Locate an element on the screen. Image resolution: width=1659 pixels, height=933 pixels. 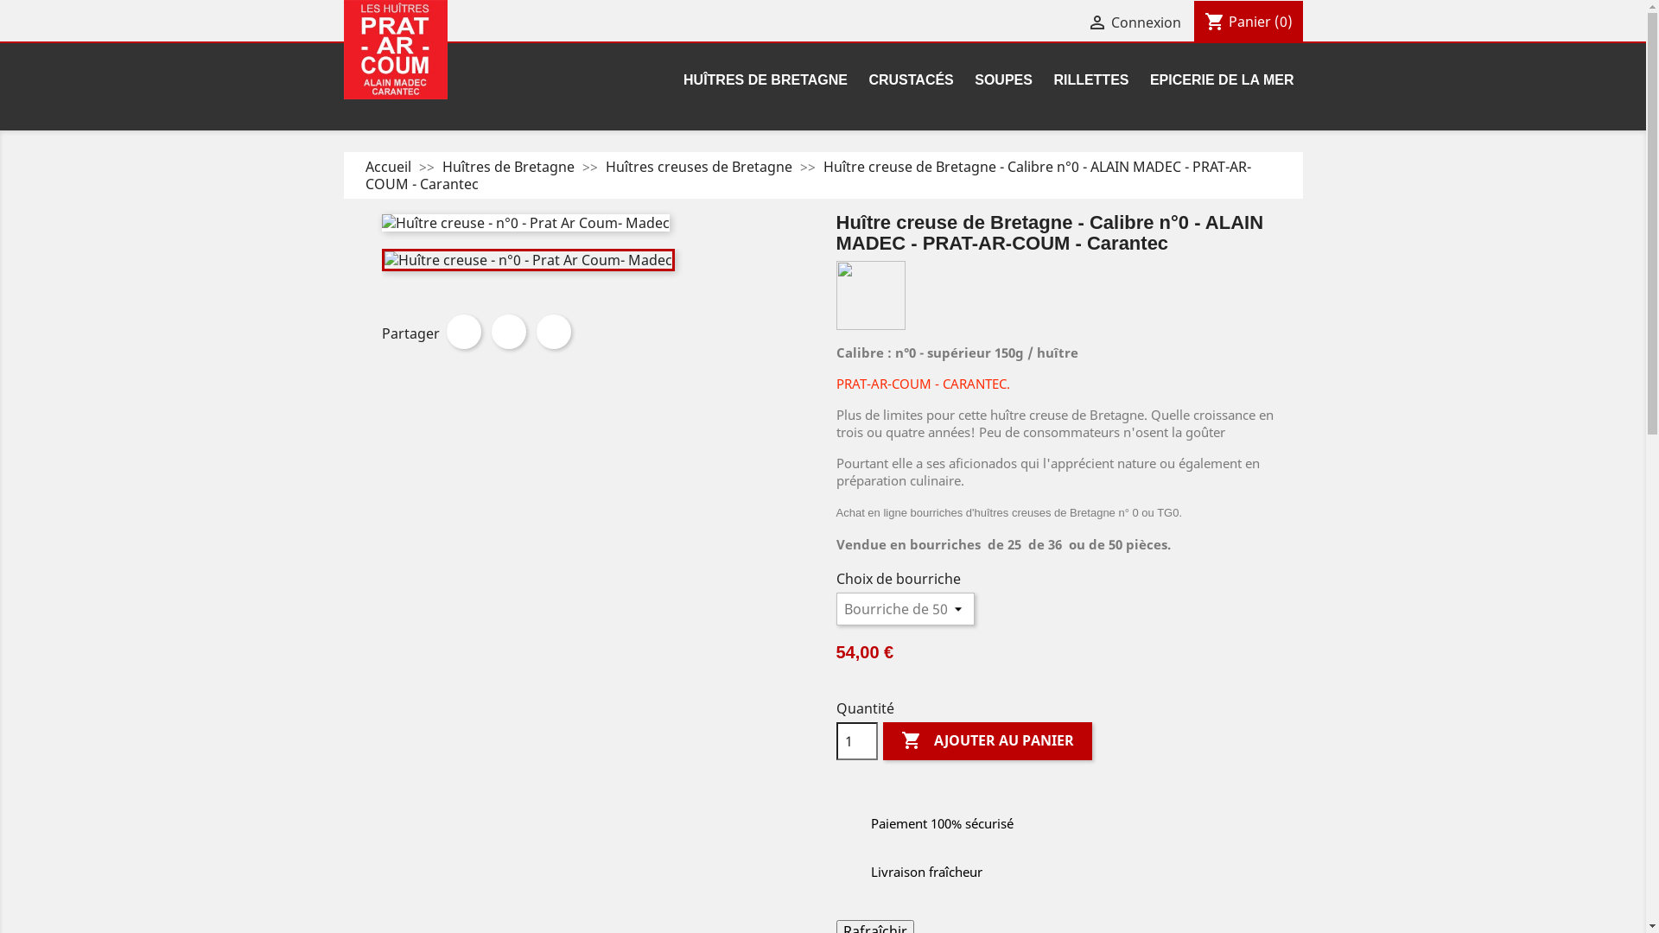
'EPICERIE DE LA MER' is located at coordinates (1141, 81).